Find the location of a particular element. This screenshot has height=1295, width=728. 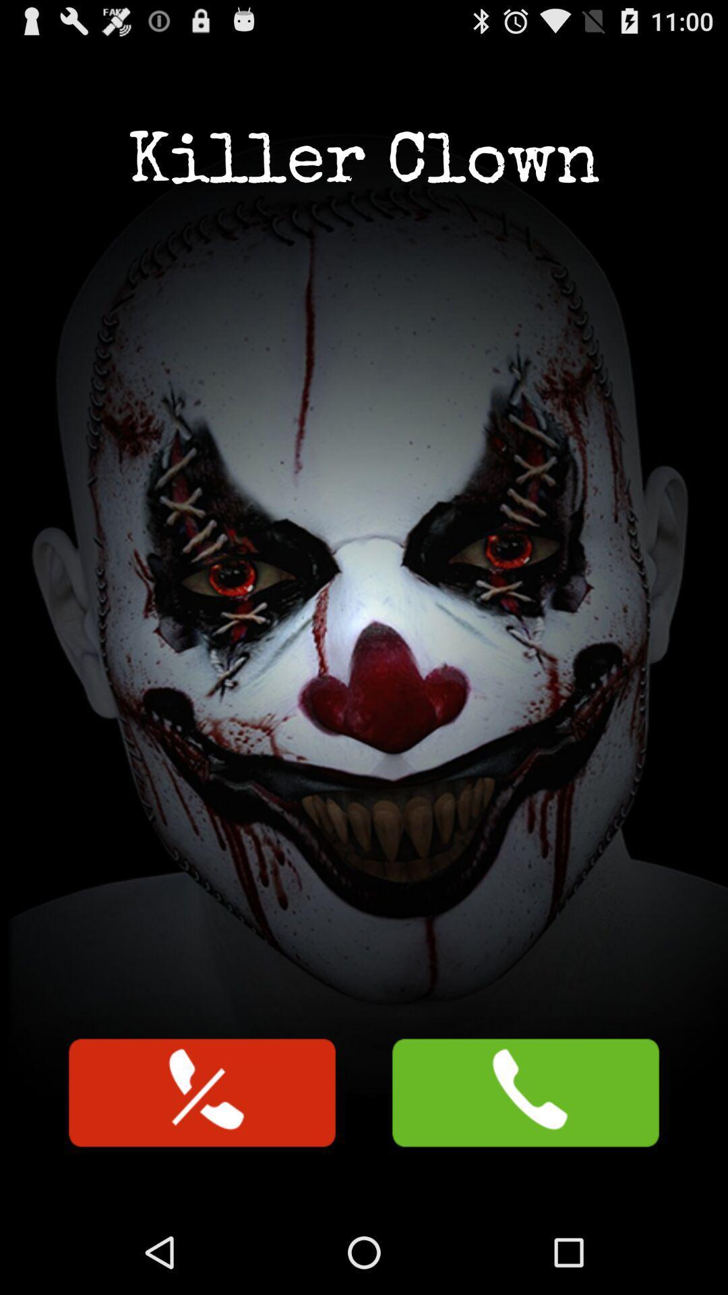

decline phonecall is located at coordinates (202, 1093).